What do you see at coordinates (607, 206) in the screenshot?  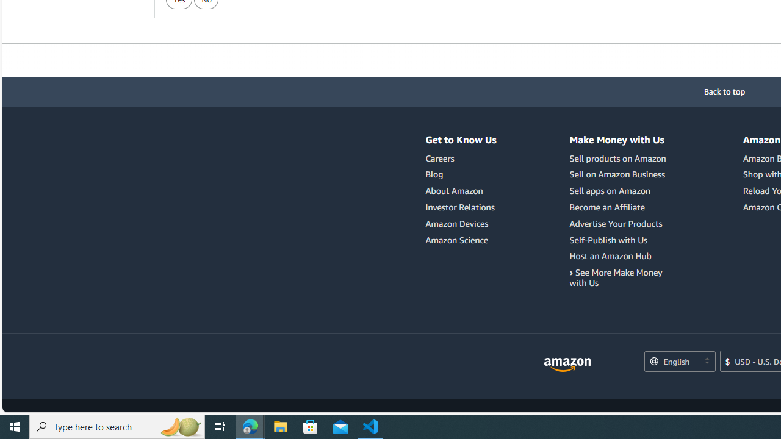 I see `'Become an Affiliate'` at bounding box center [607, 206].